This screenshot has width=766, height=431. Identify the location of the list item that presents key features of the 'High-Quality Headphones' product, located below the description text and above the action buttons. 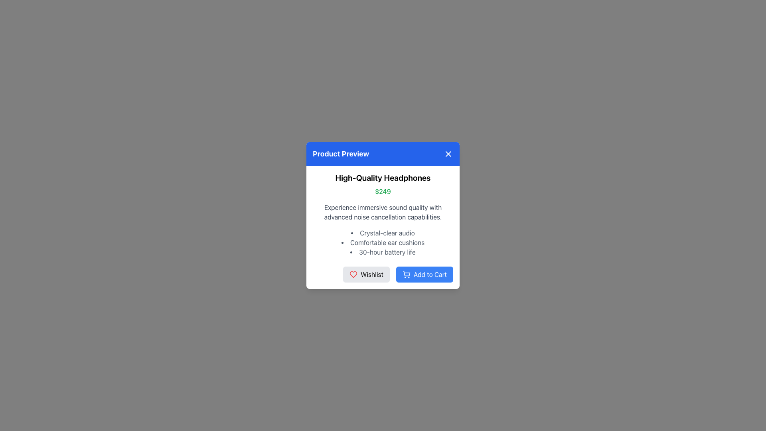
(383, 242).